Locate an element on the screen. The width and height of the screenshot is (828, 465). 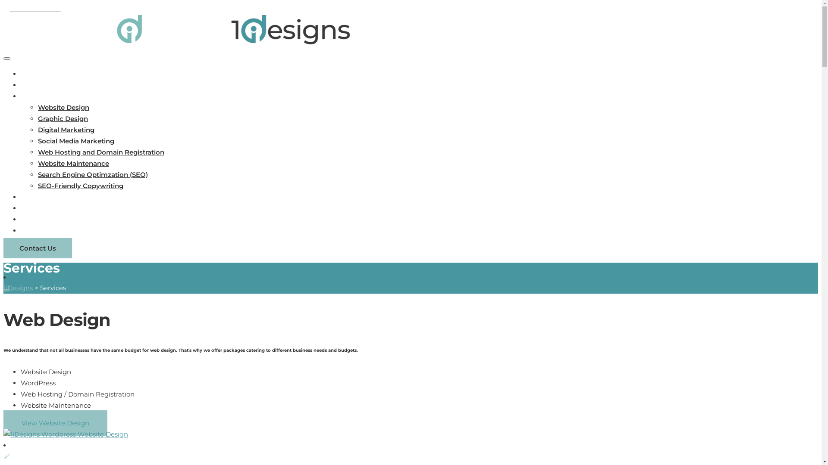
'Contact Us' is located at coordinates (38, 230).